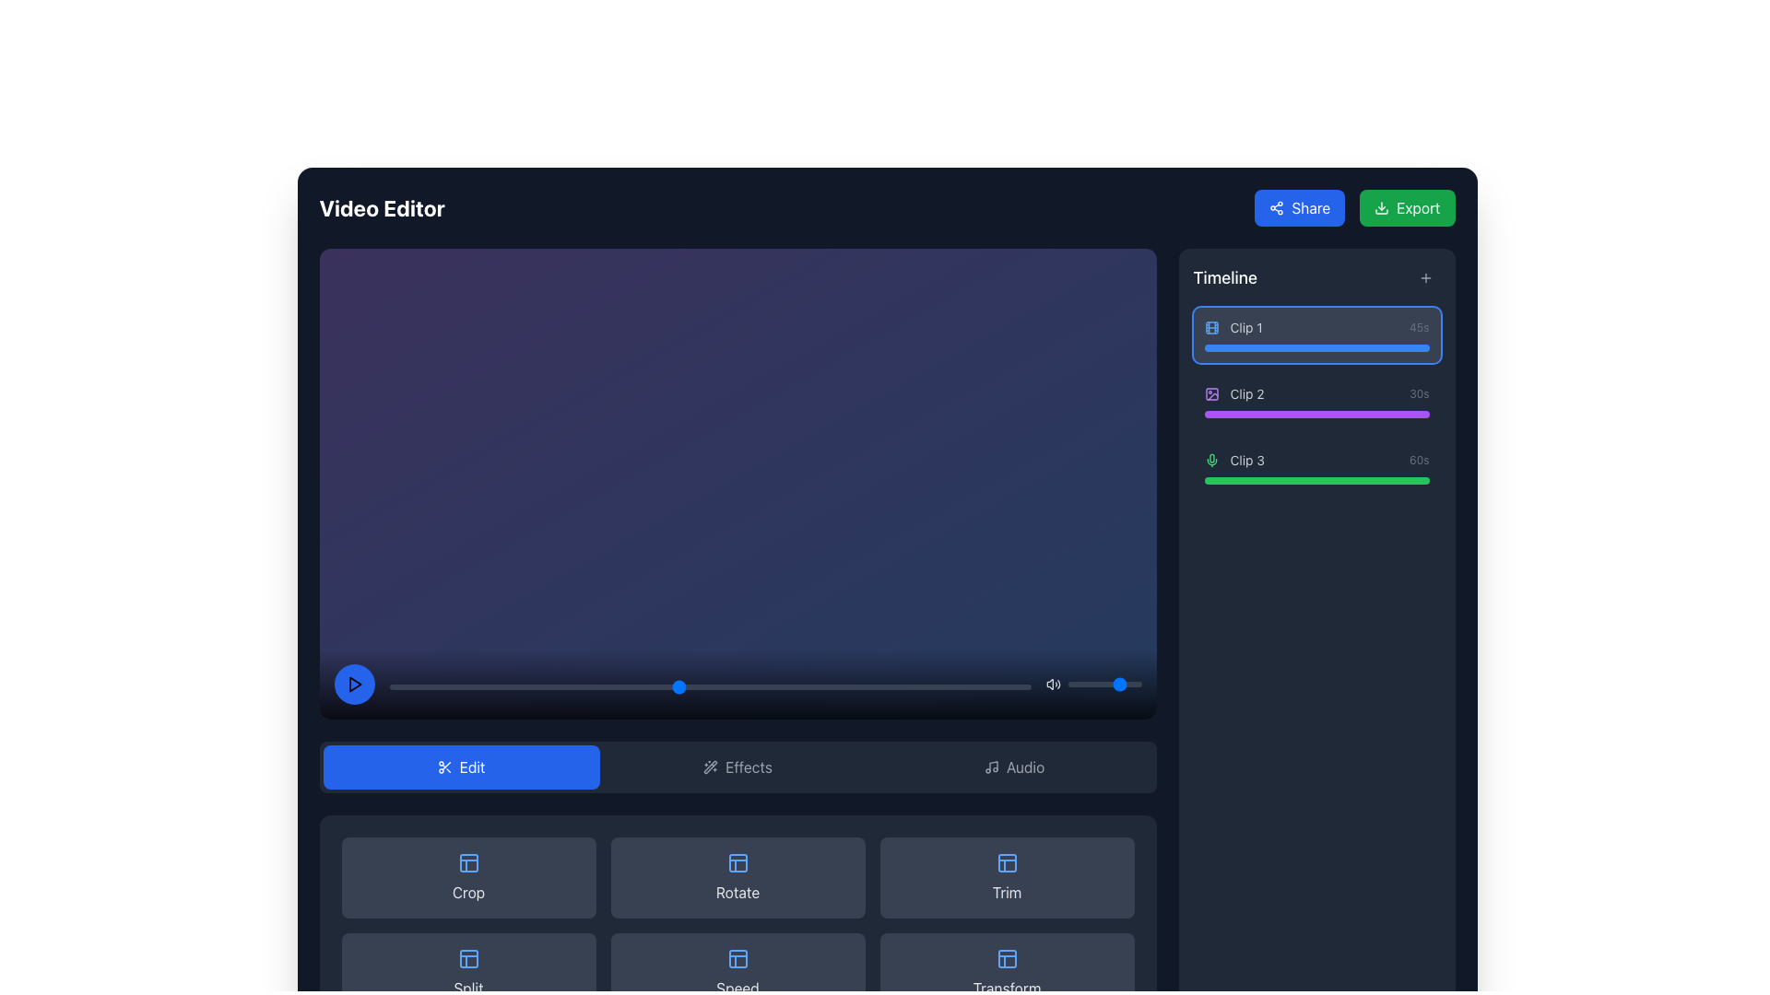 This screenshot has width=1770, height=995. What do you see at coordinates (1316, 334) in the screenshot?
I see `the first timeline entry for 'Clip 1' in the video editor, which displays the title and duration, located at the top of the 'Timeline' section` at bounding box center [1316, 334].